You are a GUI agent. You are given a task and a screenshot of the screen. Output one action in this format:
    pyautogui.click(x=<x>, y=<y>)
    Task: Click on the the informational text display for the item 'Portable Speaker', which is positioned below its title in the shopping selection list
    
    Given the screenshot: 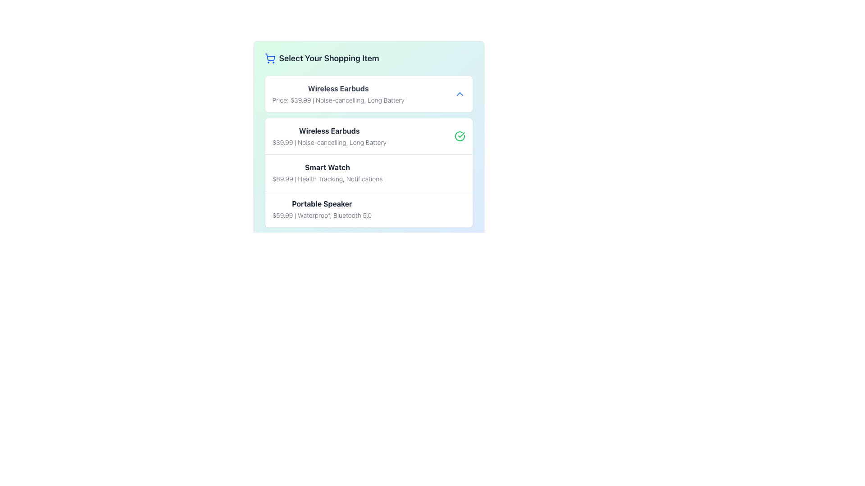 What is the action you would take?
    pyautogui.click(x=322, y=215)
    